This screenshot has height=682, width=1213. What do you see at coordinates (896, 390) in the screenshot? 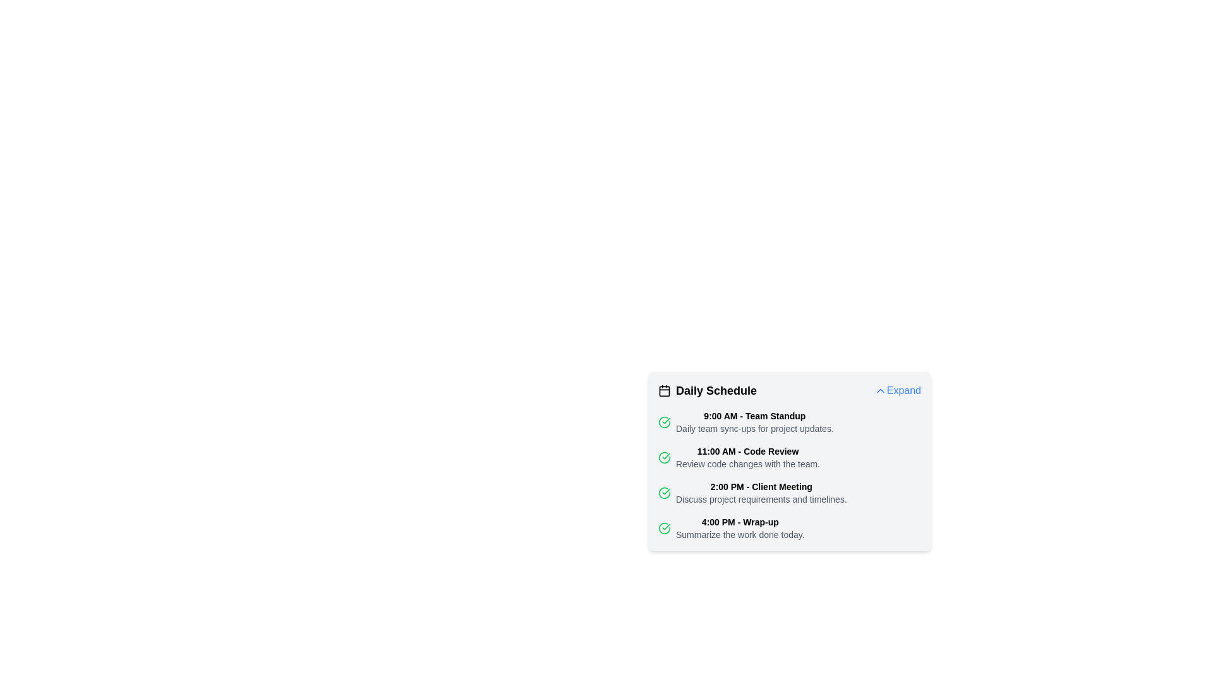
I see `the interactive button located in the top-right corner of the 'Daily Schedule' section` at bounding box center [896, 390].